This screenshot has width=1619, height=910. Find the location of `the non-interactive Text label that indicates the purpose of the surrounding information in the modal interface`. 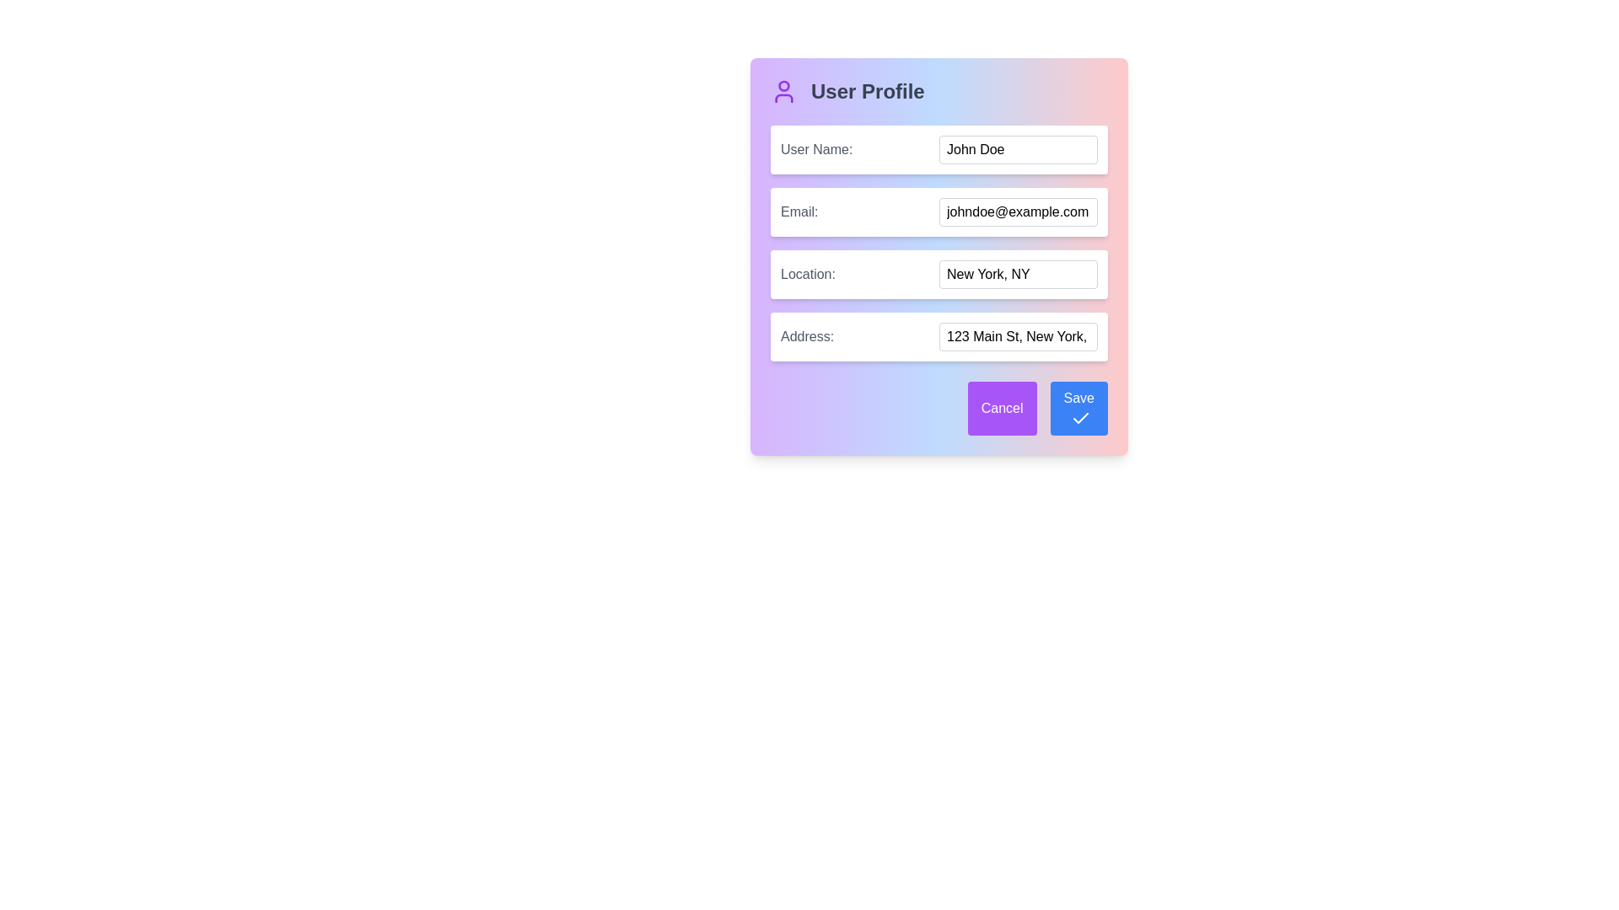

the non-interactive Text label that indicates the purpose of the surrounding information in the modal interface is located at coordinates (868, 91).